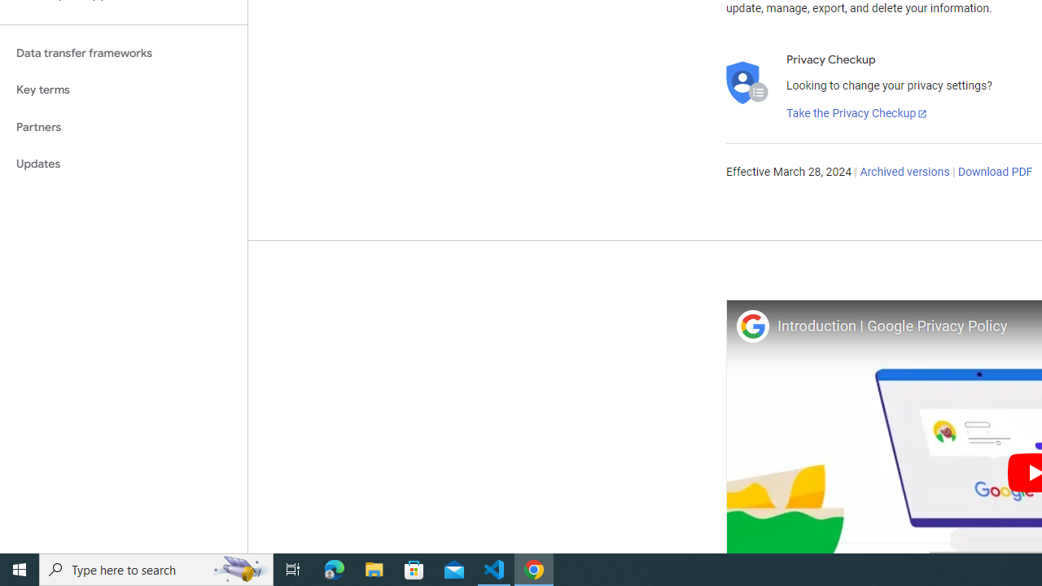 The height and width of the screenshot is (586, 1042). What do you see at coordinates (123, 90) in the screenshot?
I see `'Key terms'` at bounding box center [123, 90].